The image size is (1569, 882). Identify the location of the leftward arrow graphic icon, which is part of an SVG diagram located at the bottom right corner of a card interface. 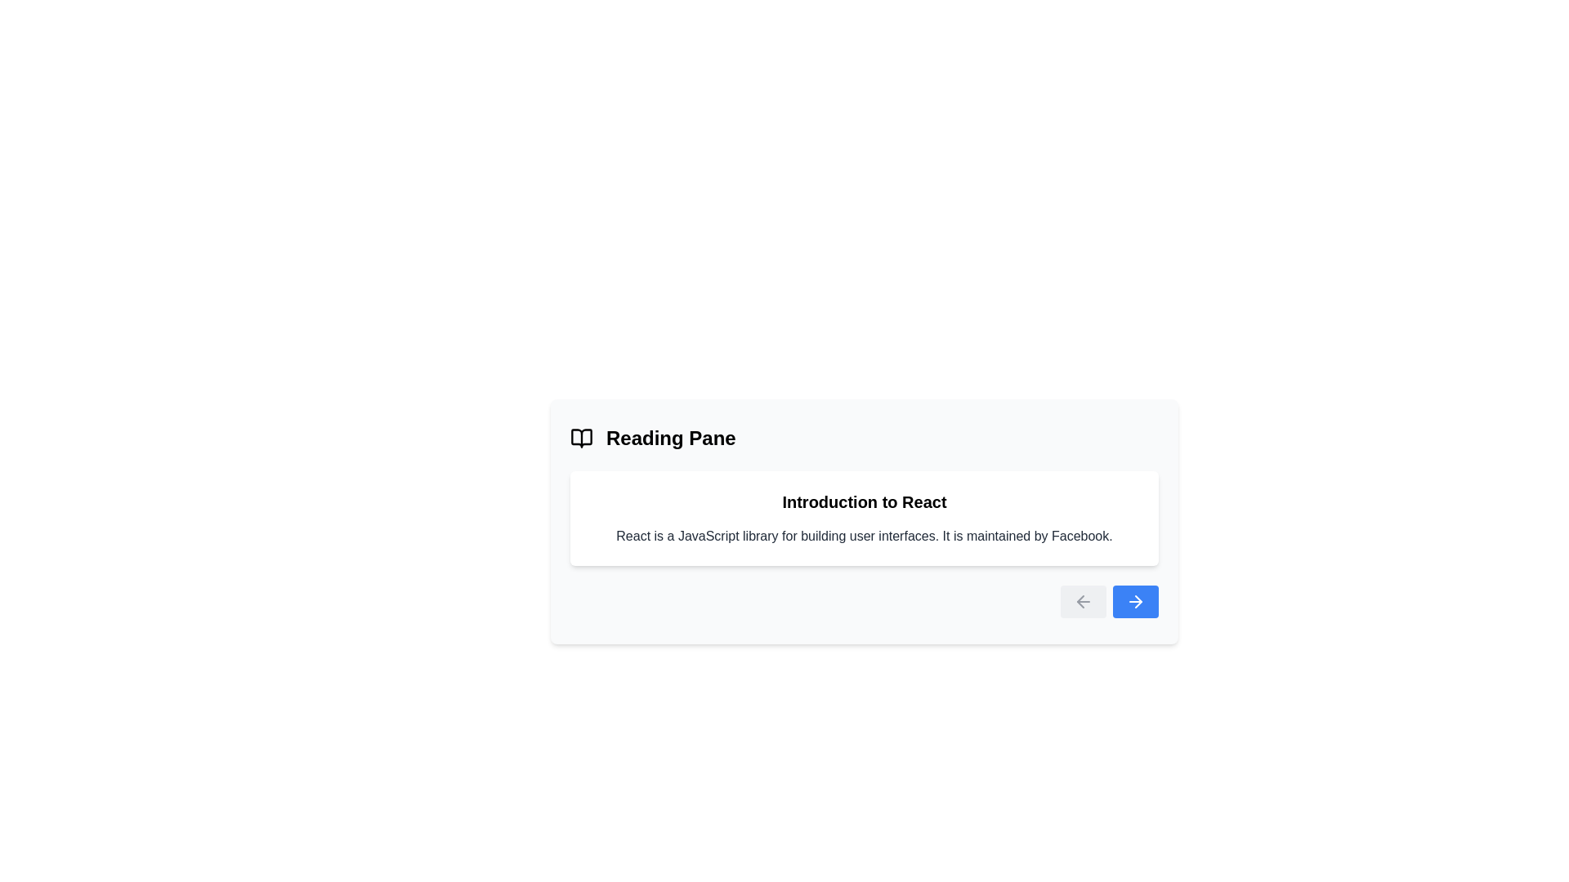
(1080, 601).